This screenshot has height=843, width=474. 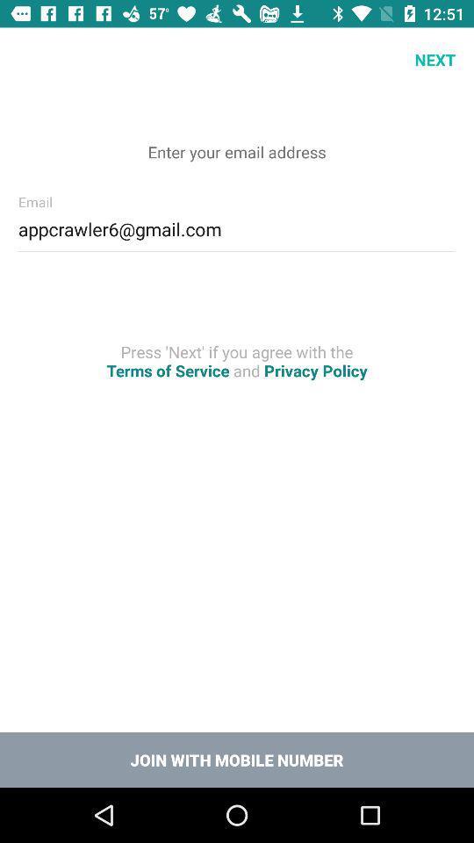 I want to click on the press next if at the center, so click(x=237, y=360).